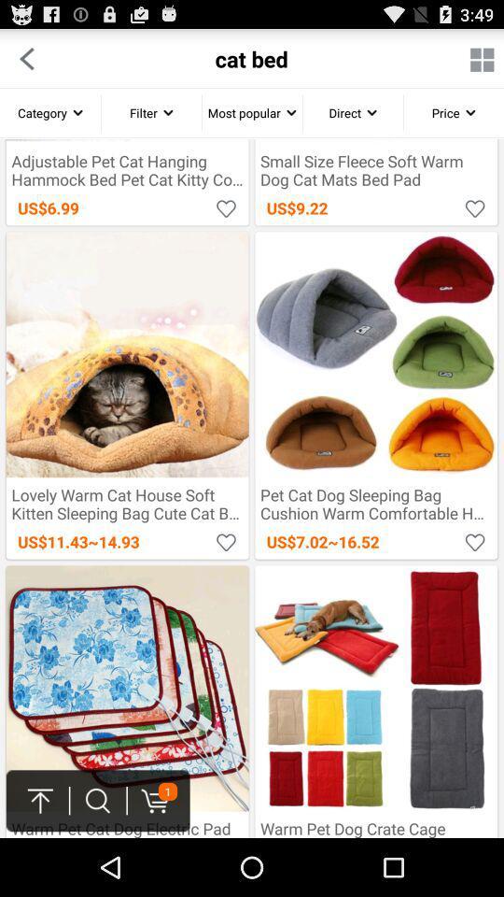  I want to click on the arrow_backward icon, so click(25, 63).